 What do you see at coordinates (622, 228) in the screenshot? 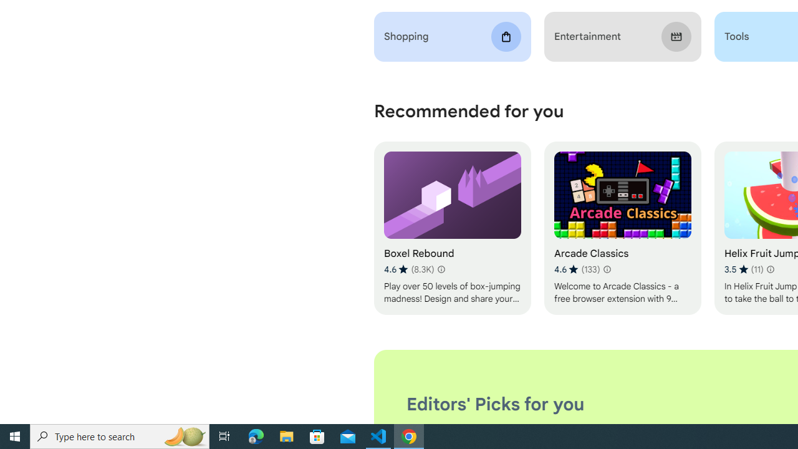
I see `'Arcade Classics'` at bounding box center [622, 228].